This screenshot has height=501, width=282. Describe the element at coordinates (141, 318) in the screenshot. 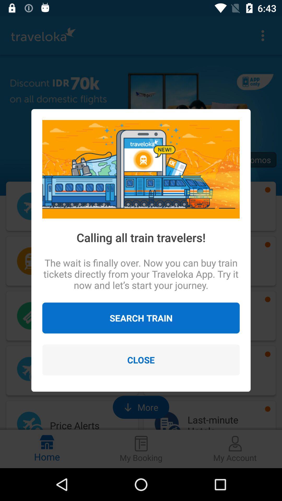

I see `the search train icon` at that location.